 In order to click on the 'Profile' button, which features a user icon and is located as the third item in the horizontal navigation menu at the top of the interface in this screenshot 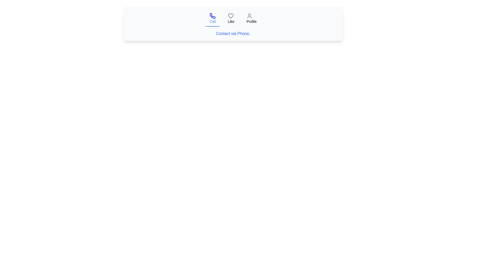, I will do `click(251, 18)`.